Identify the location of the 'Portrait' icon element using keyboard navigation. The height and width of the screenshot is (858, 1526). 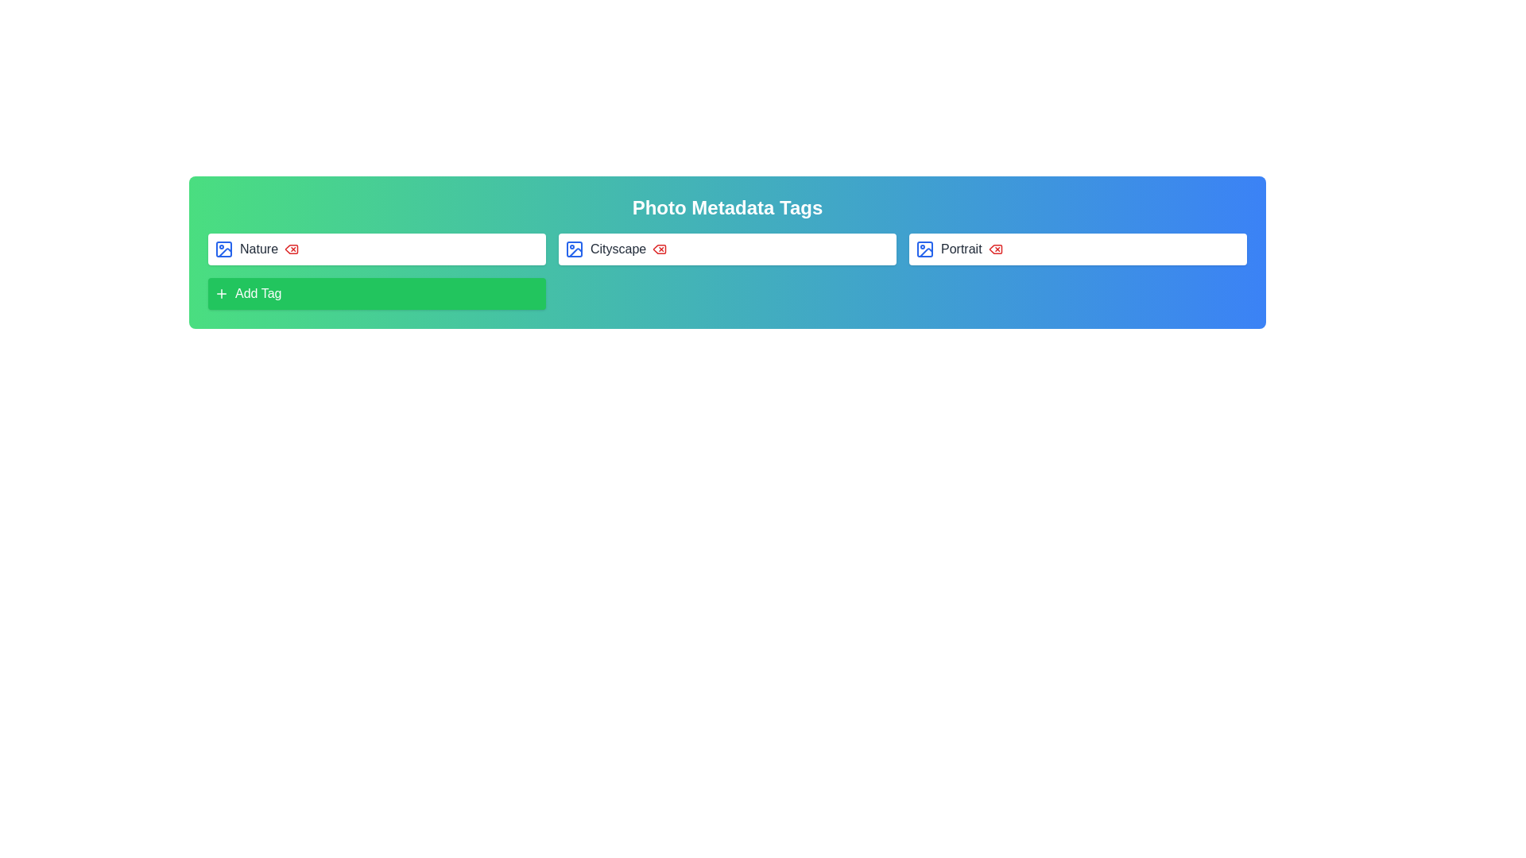
(924, 249).